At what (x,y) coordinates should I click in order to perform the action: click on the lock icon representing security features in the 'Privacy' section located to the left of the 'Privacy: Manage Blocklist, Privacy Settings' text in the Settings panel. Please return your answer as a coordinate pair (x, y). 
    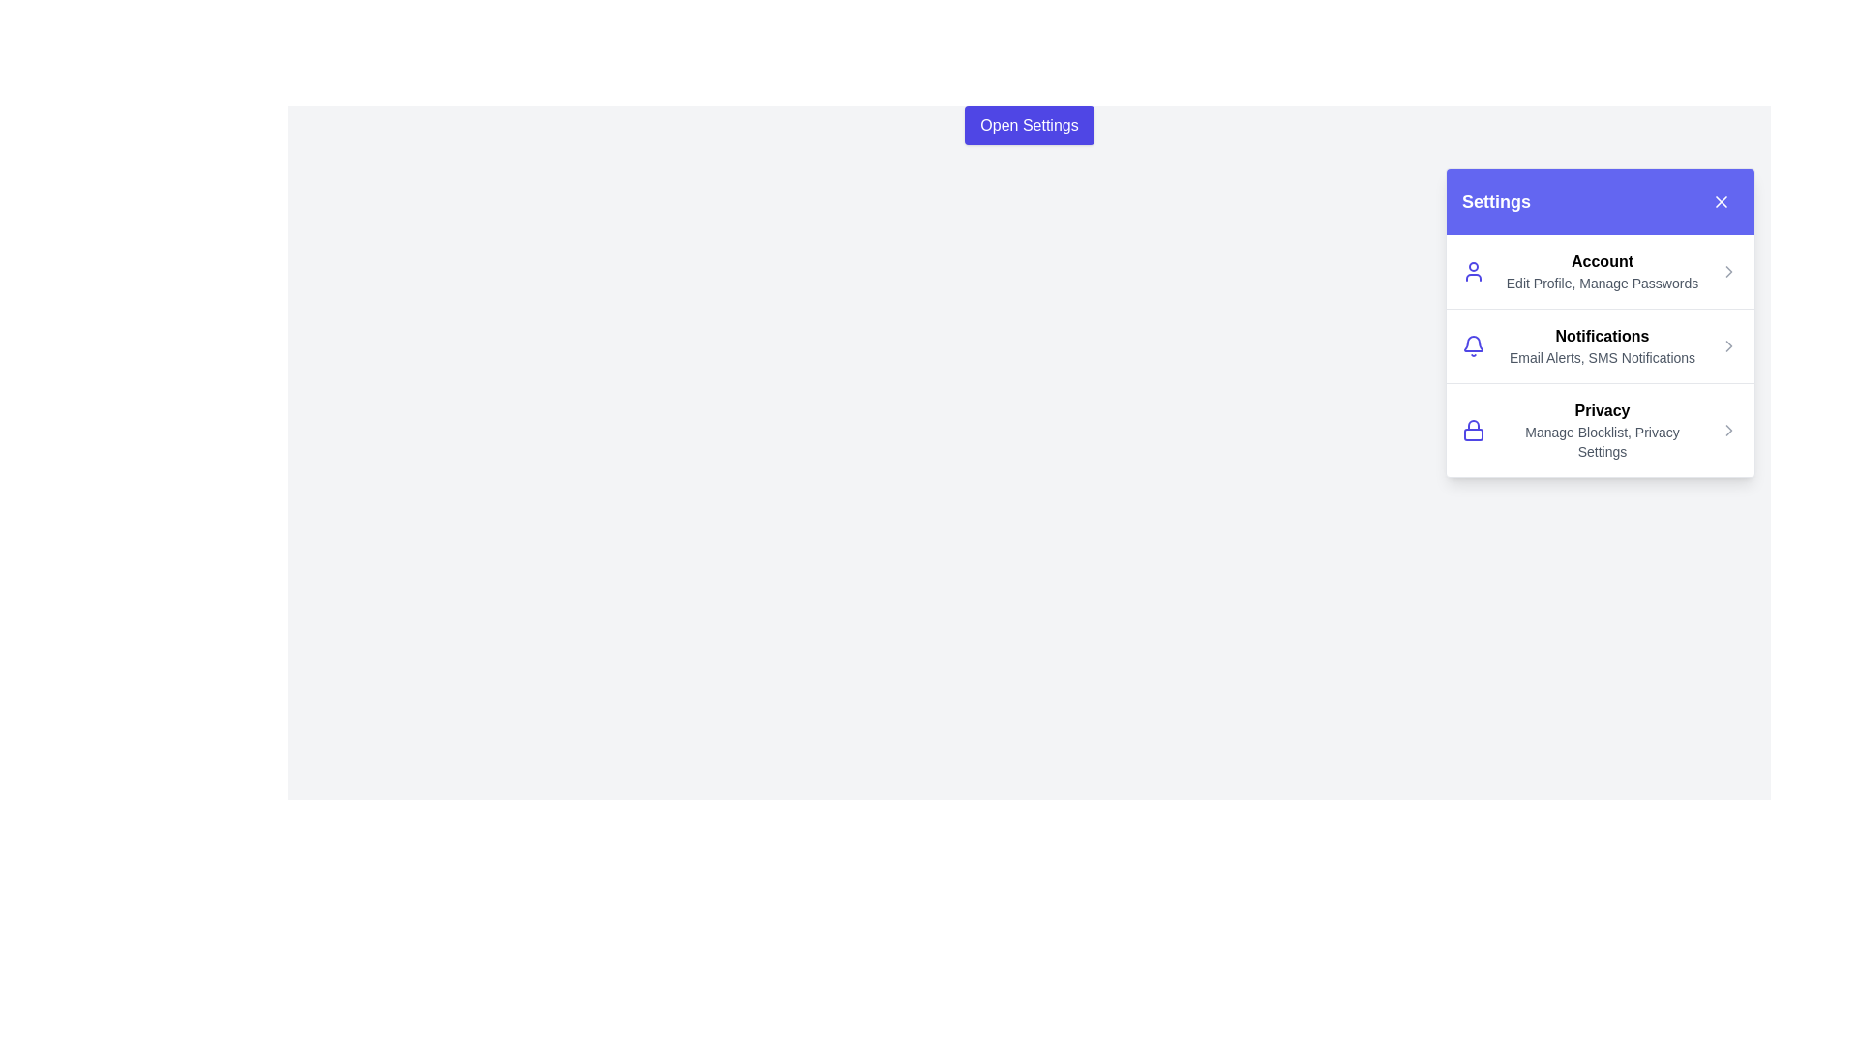
    Looking at the image, I should click on (1472, 429).